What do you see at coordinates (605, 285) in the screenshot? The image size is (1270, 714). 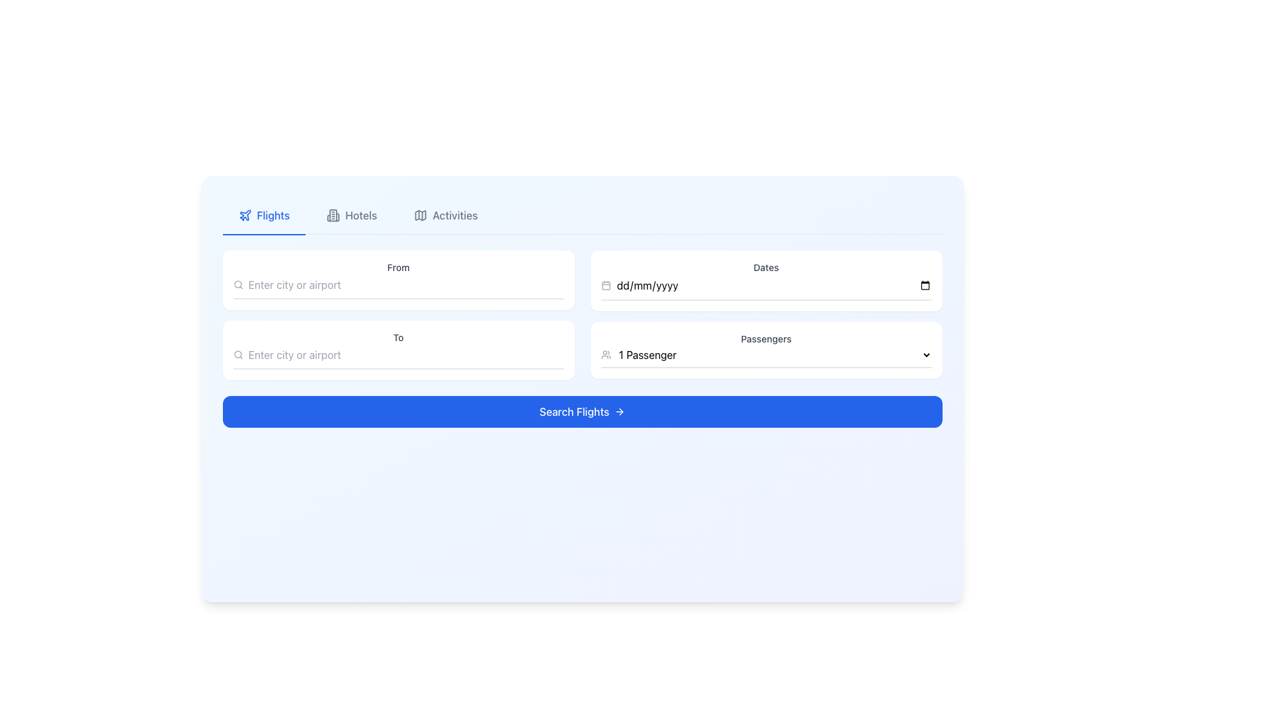 I see `the small gray calendar icon located to the left of the placeholder text 'dd/mm/yyyy' in the 'Dates' input field of the 'Flights' search section` at bounding box center [605, 285].